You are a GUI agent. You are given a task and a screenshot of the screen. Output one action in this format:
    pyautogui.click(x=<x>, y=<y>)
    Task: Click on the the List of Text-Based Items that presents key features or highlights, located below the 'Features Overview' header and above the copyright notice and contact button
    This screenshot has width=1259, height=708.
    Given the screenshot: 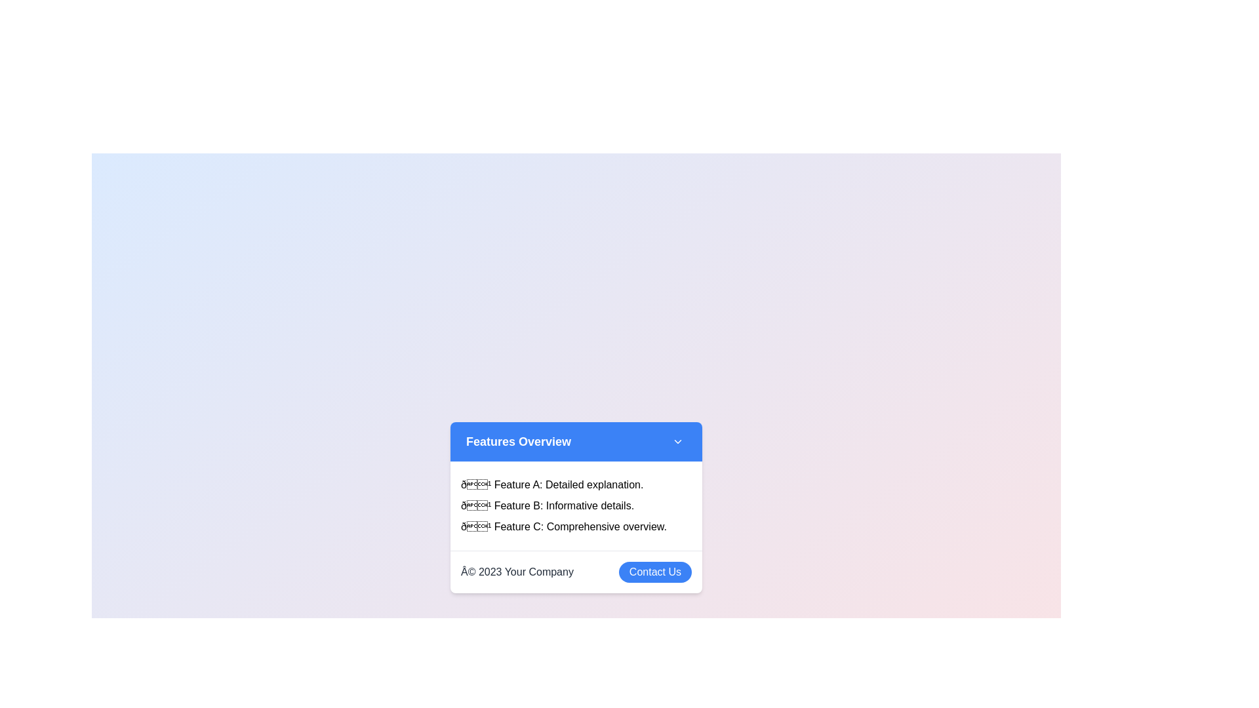 What is the action you would take?
    pyautogui.click(x=576, y=505)
    